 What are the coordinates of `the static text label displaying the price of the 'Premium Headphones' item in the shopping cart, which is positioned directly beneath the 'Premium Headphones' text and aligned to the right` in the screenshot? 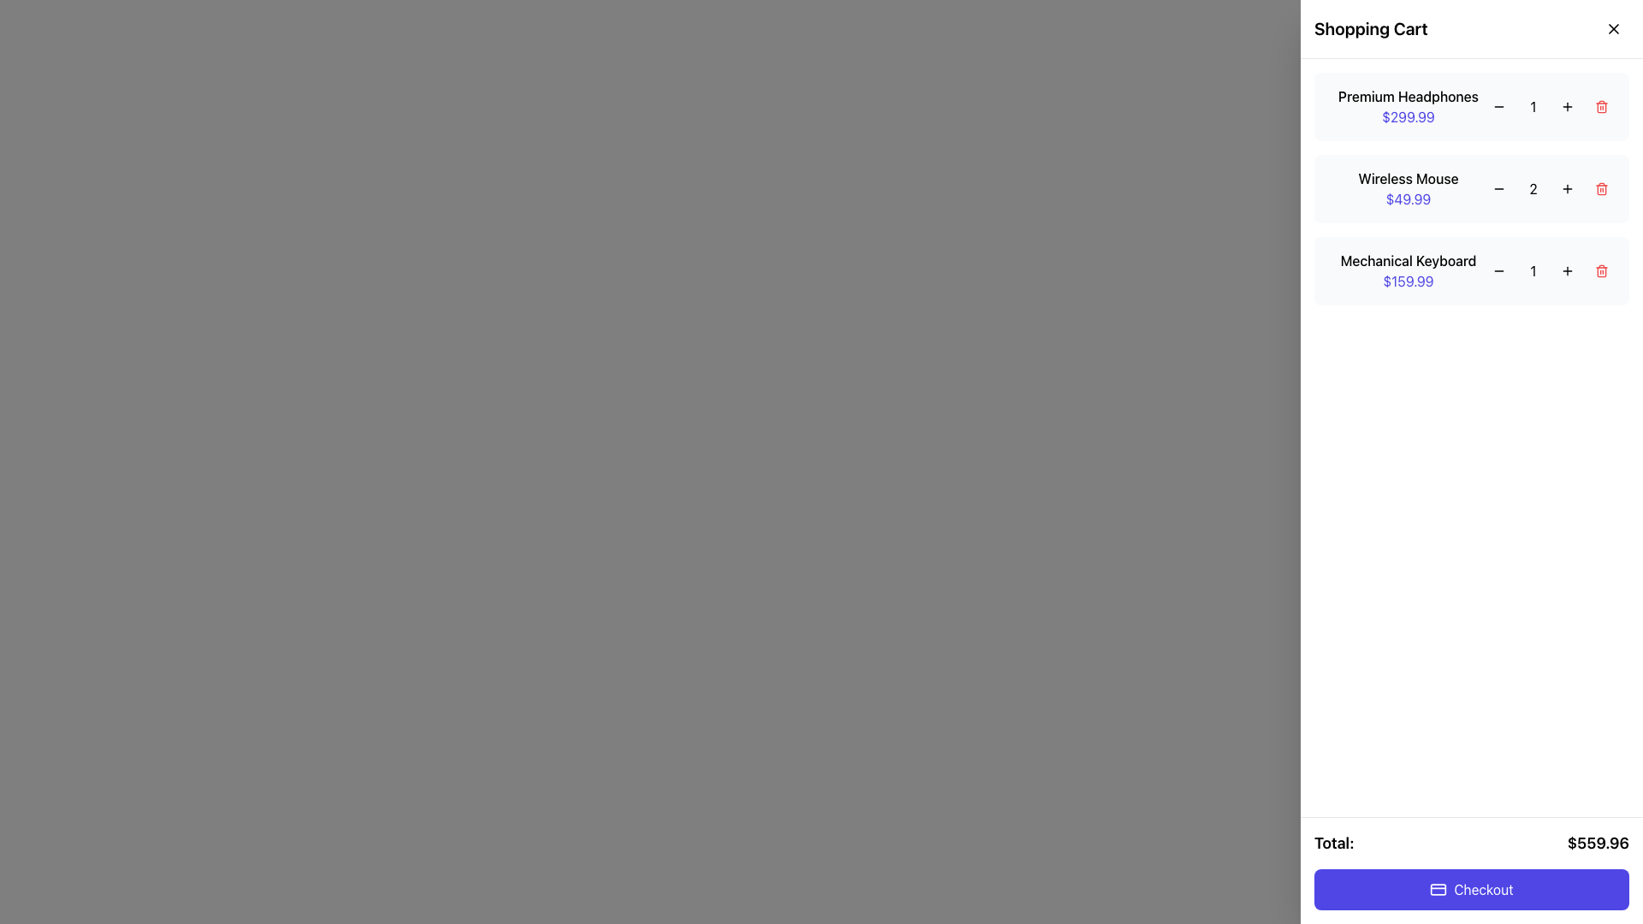 It's located at (1409, 116).